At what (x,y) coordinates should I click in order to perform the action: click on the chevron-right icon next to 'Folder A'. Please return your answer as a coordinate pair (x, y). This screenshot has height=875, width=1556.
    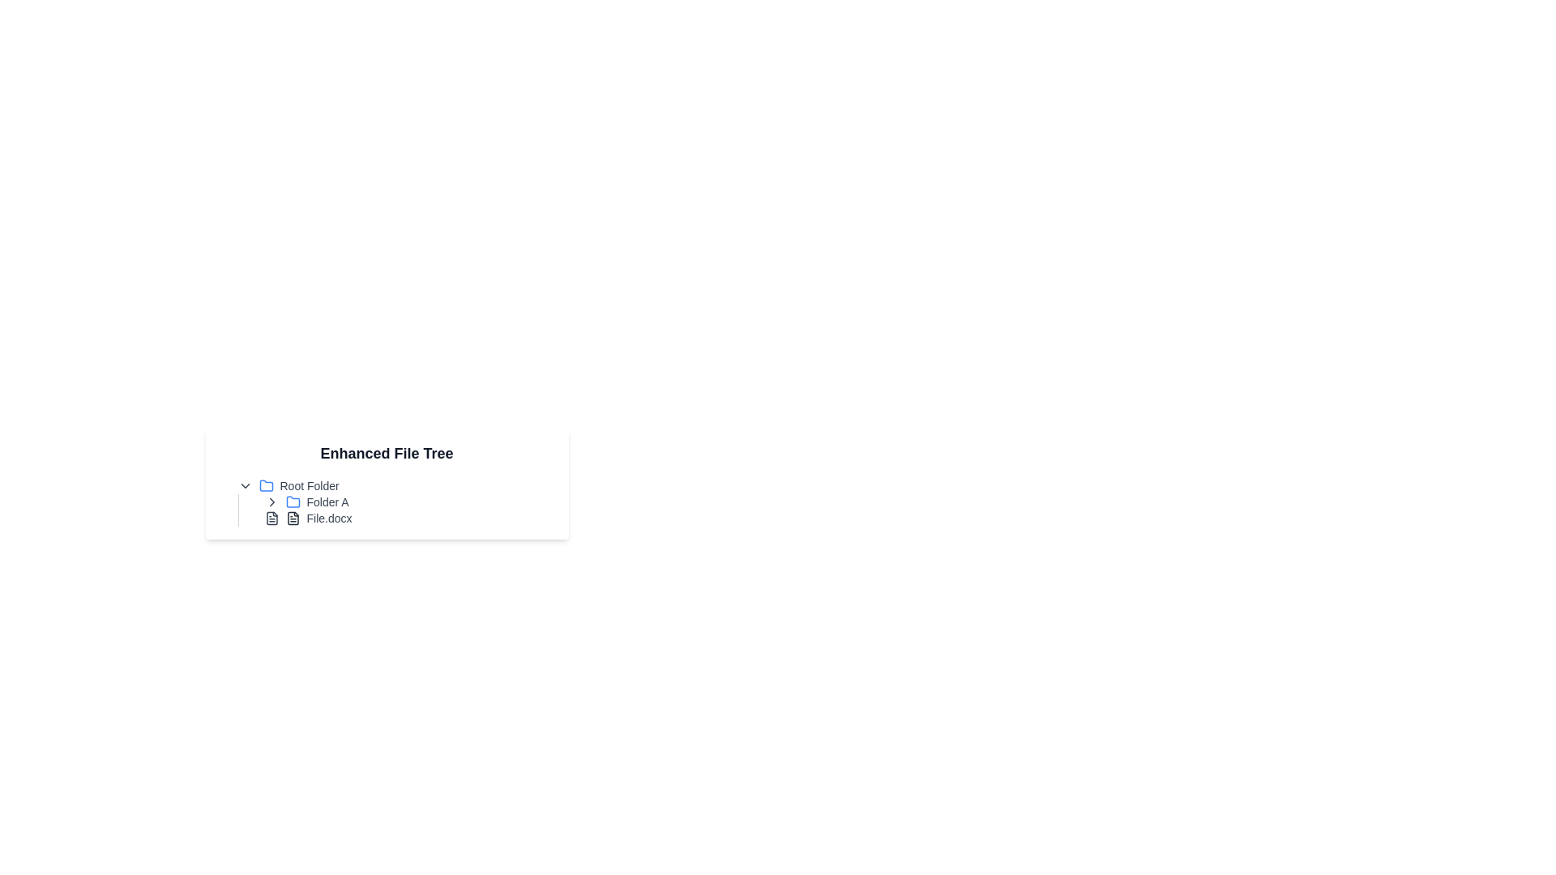
    Looking at the image, I should click on (271, 502).